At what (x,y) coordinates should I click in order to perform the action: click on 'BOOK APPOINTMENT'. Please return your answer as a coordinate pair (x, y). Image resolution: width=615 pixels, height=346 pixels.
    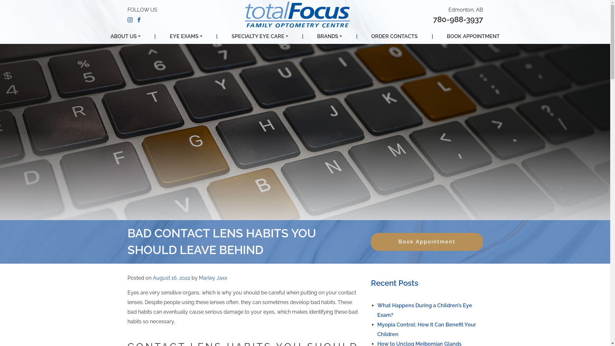
    Looking at the image, I should click on (473, 37).